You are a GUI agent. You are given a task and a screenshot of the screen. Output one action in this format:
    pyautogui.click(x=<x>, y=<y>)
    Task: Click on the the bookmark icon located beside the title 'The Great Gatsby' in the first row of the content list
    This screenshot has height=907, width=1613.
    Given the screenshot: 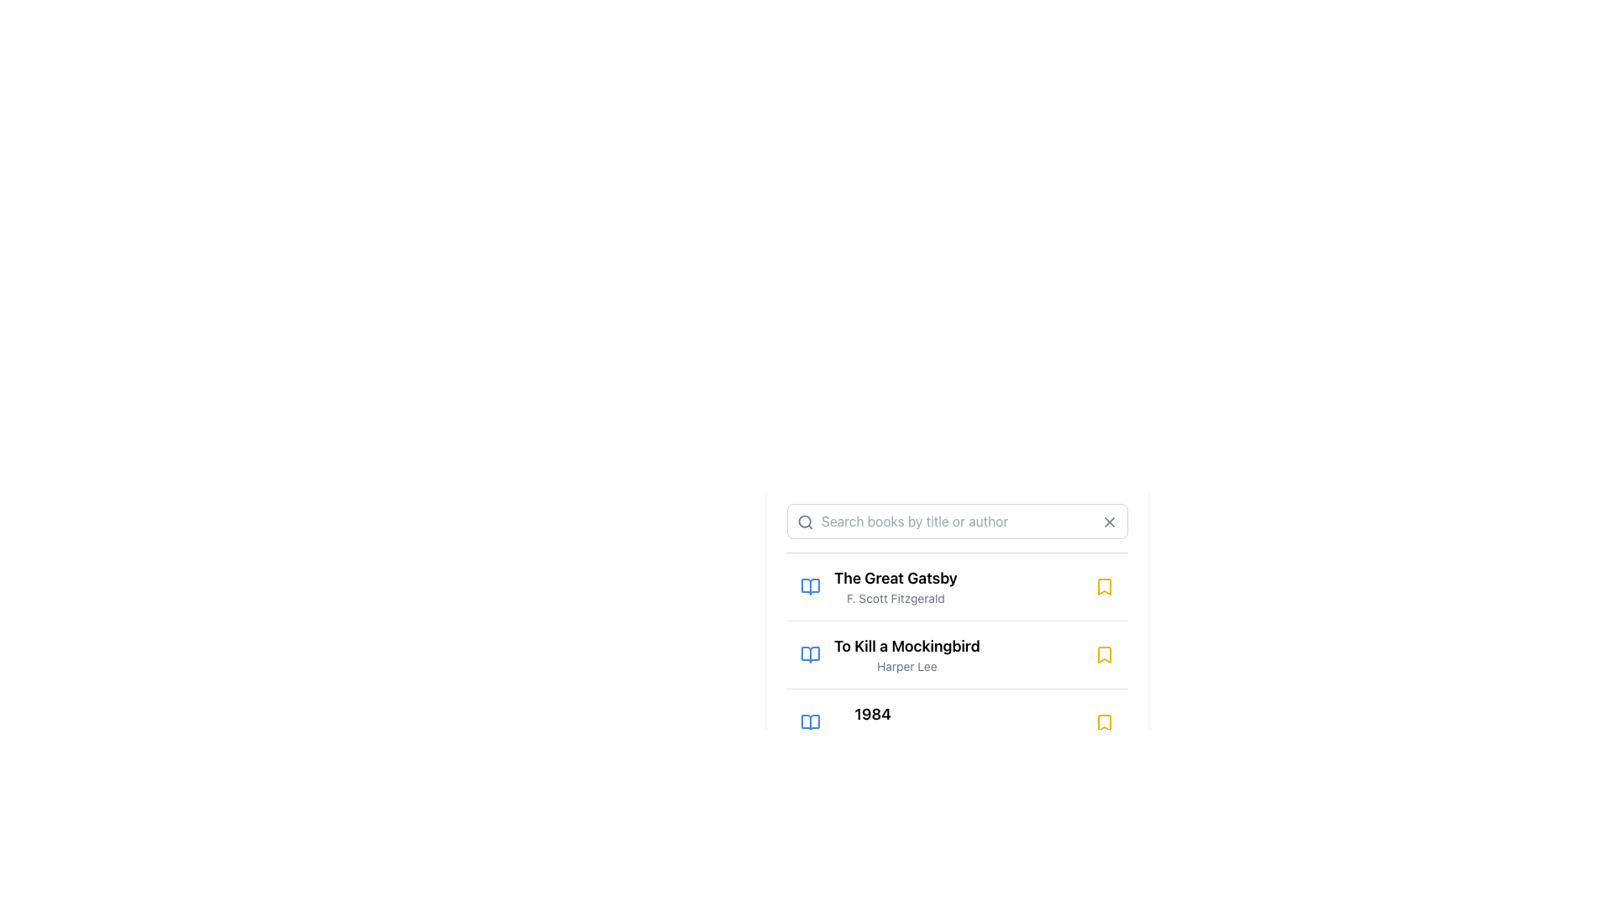 What is the action you would take?
    pyautogui.click(x=1105, y=585)
    